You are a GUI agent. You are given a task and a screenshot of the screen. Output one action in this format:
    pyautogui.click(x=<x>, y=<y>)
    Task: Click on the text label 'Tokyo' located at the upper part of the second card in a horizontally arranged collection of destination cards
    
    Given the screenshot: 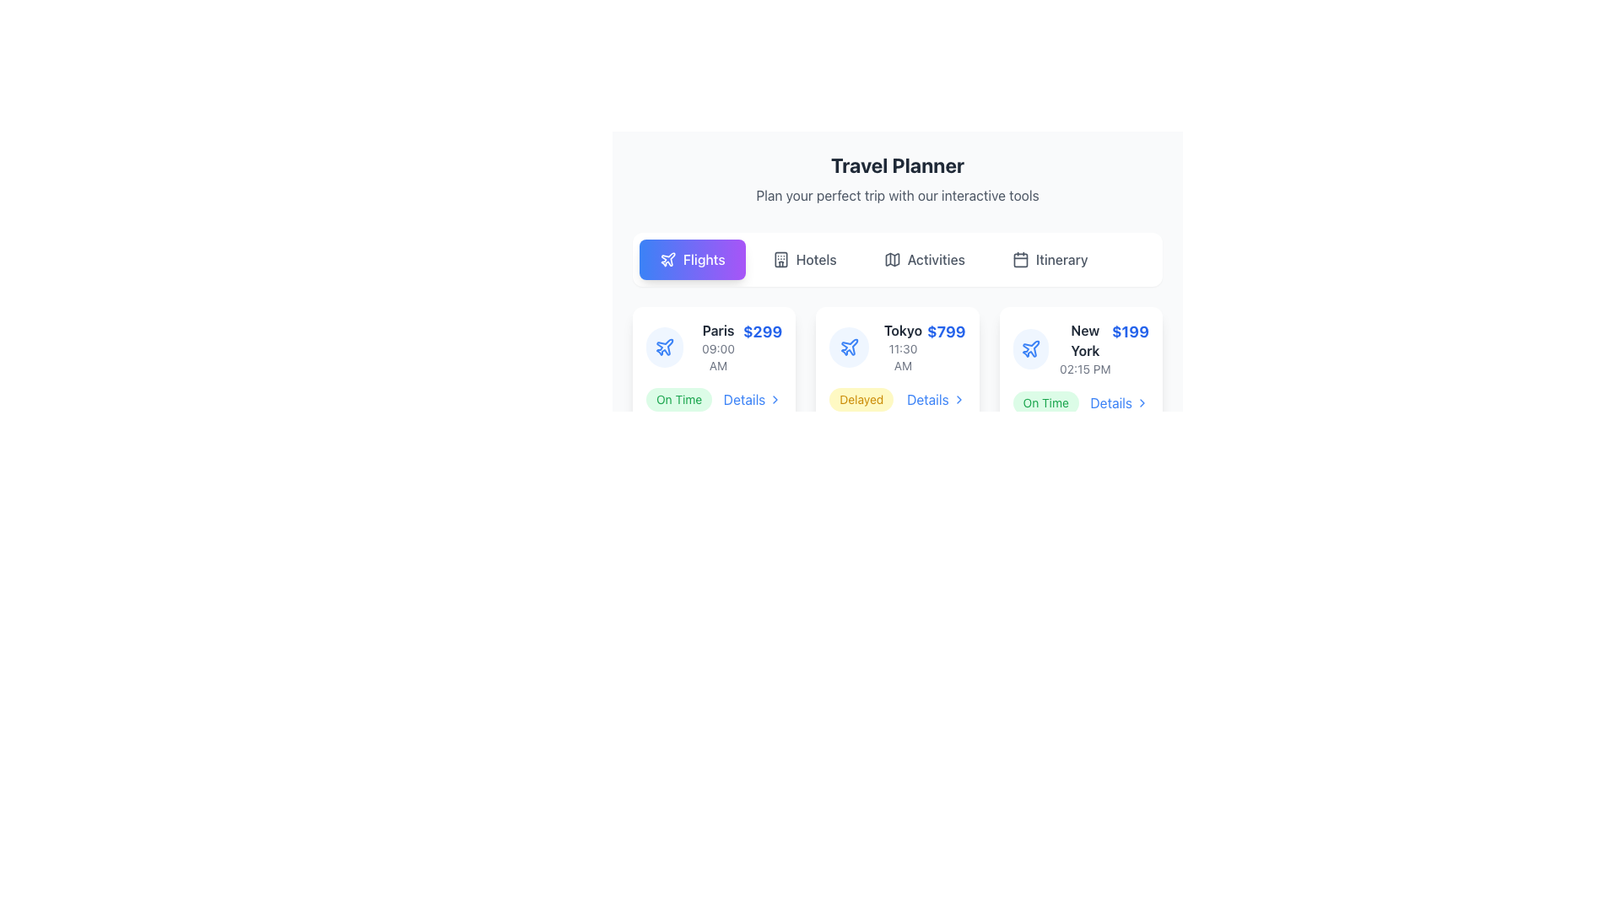 What is the action you would take?
    pyautogui.click(x=902, y=331)
    